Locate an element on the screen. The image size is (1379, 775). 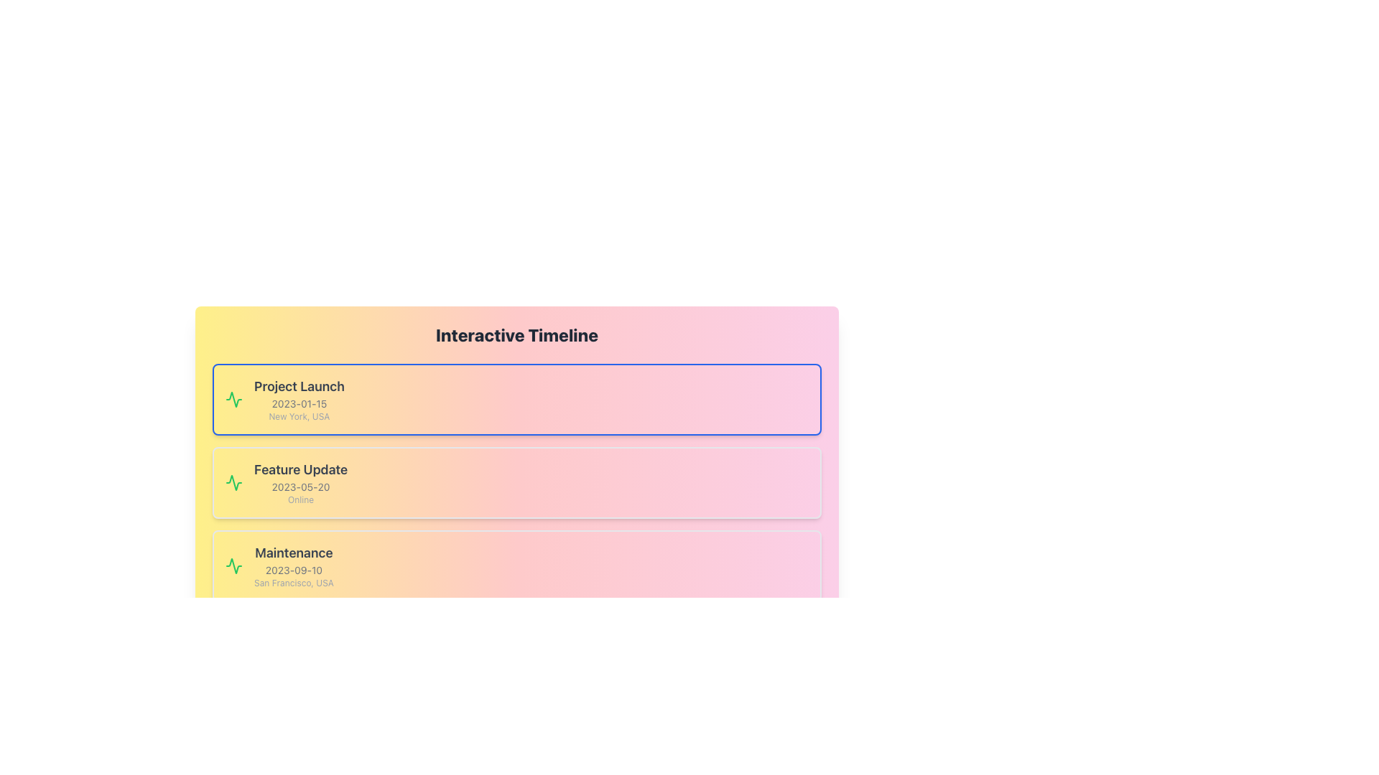
the decorative icon positioned at the left side of the 'Maintenance' card in the timeline events list is located at coordinates (234, 565).